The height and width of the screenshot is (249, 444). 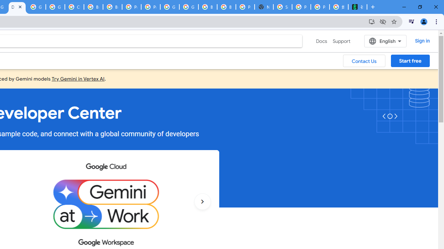 I want to click on 'English', so click(x=385, y=41).